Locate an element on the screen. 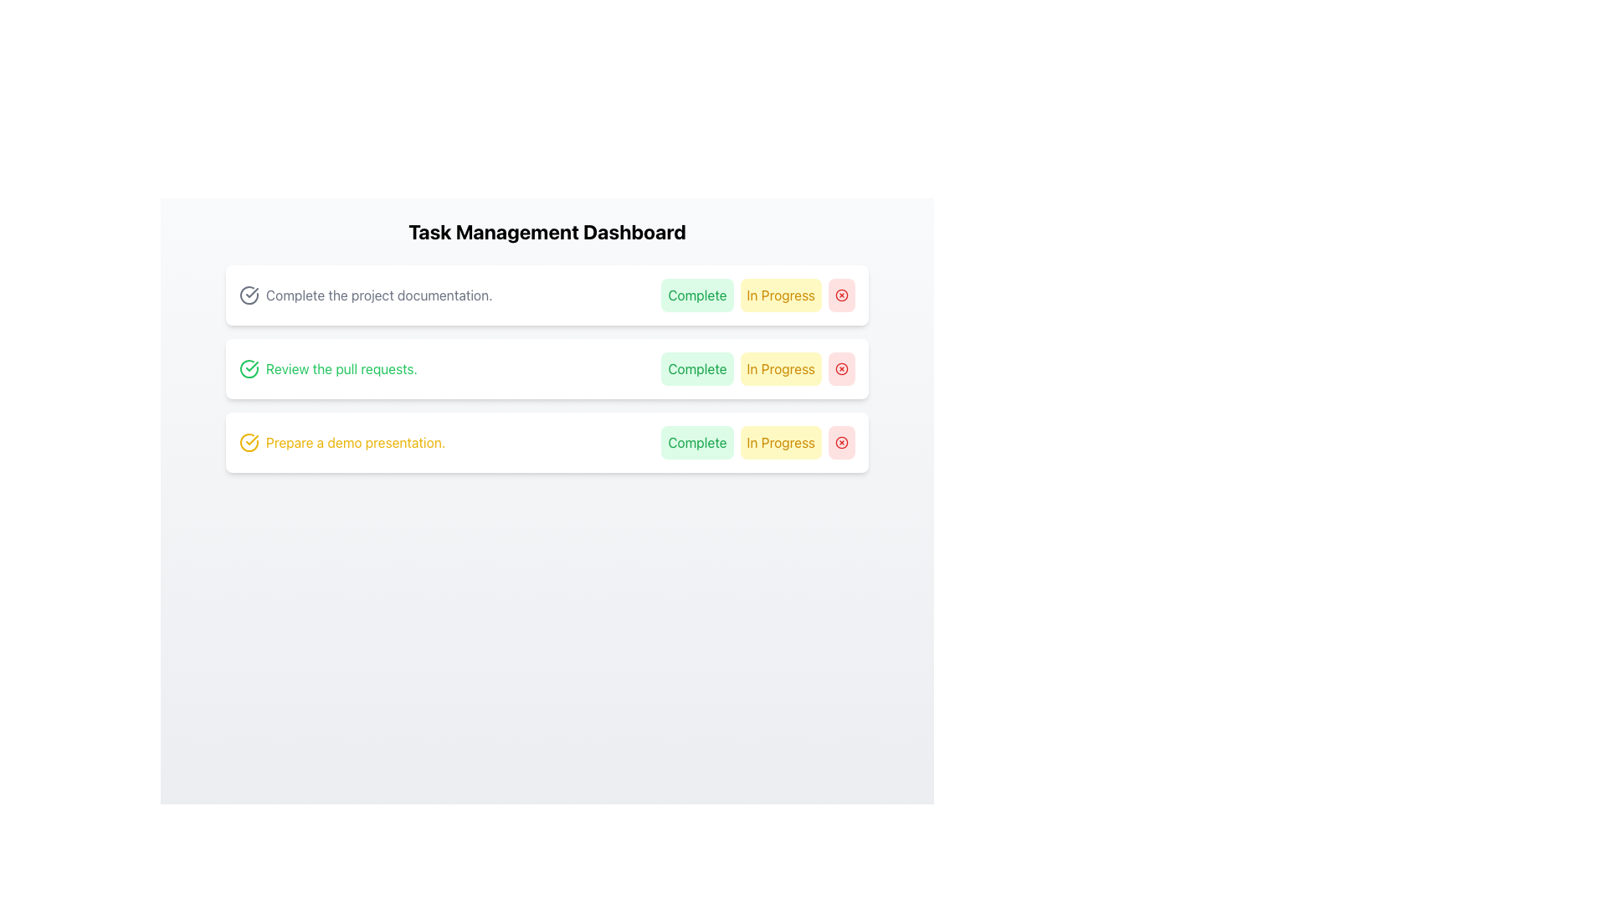 The image size is (1607, 904). the checkmark icon indicating the completion status of the task titled 'Review the pull requests.' is located at coordinates (248, 367).